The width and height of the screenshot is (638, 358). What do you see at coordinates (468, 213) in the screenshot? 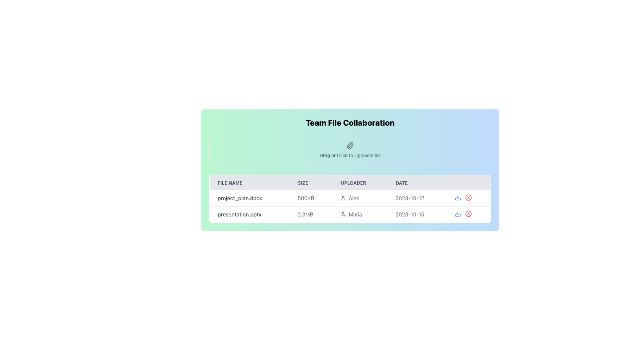
I see `the delete button` at bounding box center [468, 213].